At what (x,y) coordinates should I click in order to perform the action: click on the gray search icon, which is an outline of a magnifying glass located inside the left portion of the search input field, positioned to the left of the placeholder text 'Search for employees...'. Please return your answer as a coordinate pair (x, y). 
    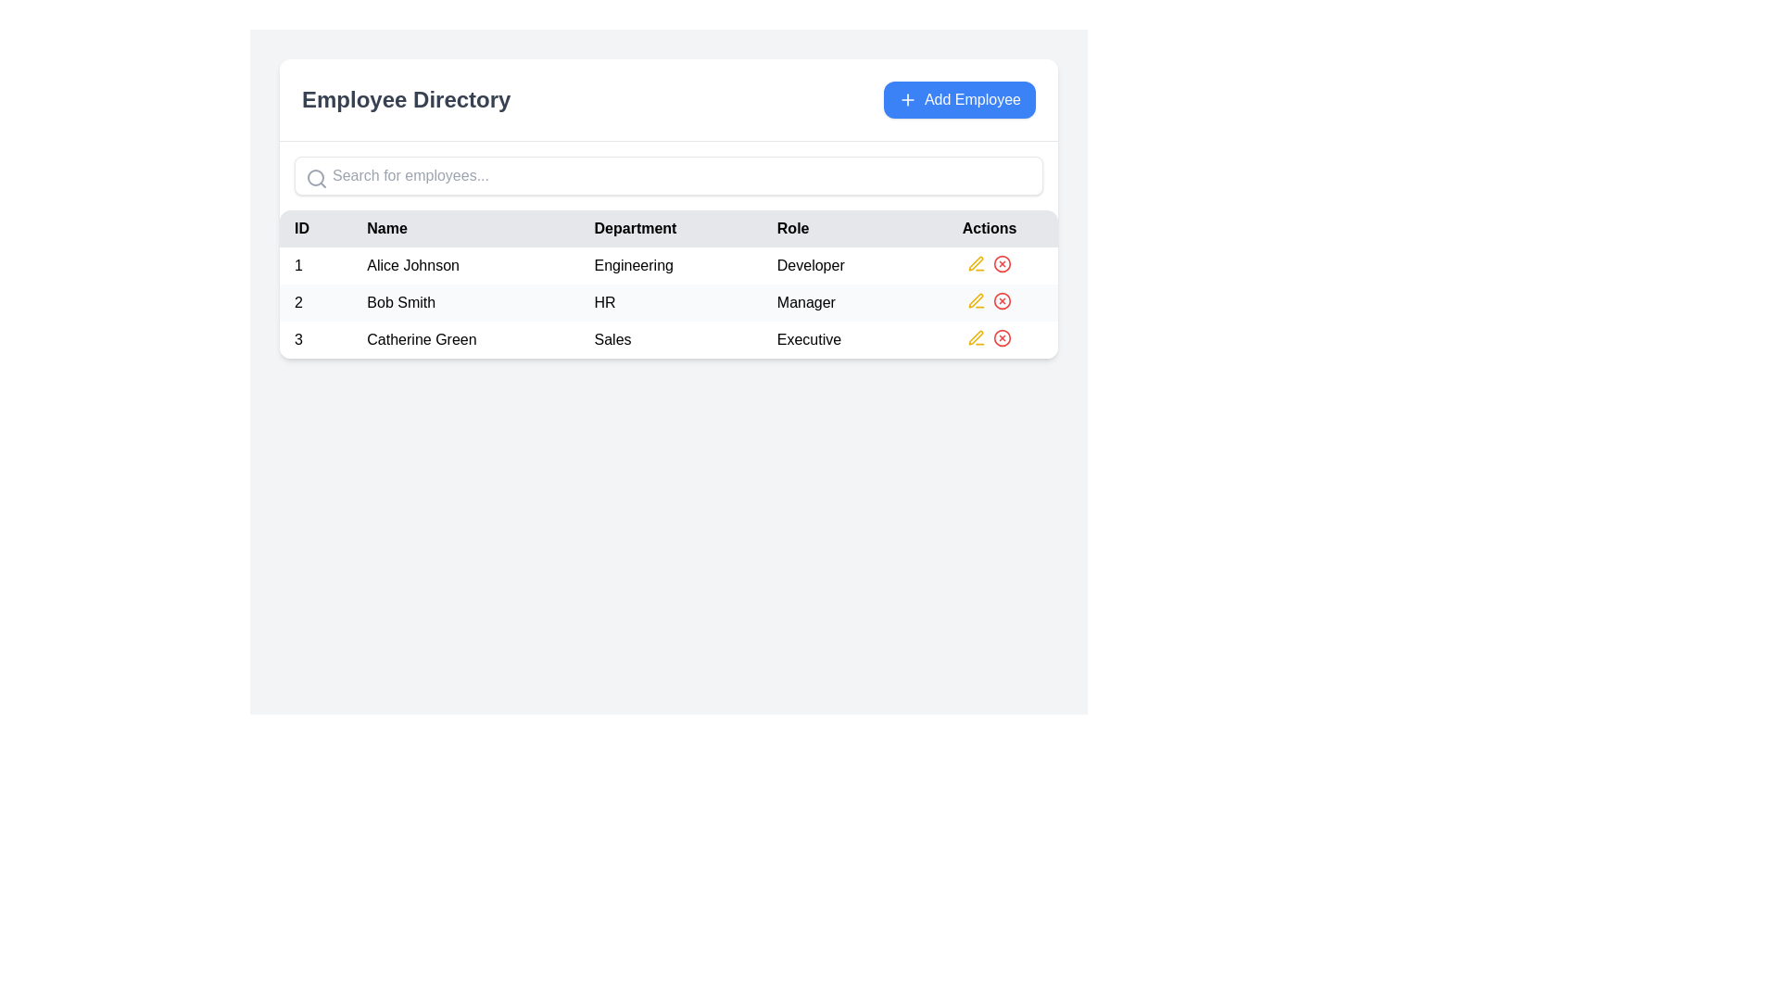
    Looking at the image, I should click on (316, 178).